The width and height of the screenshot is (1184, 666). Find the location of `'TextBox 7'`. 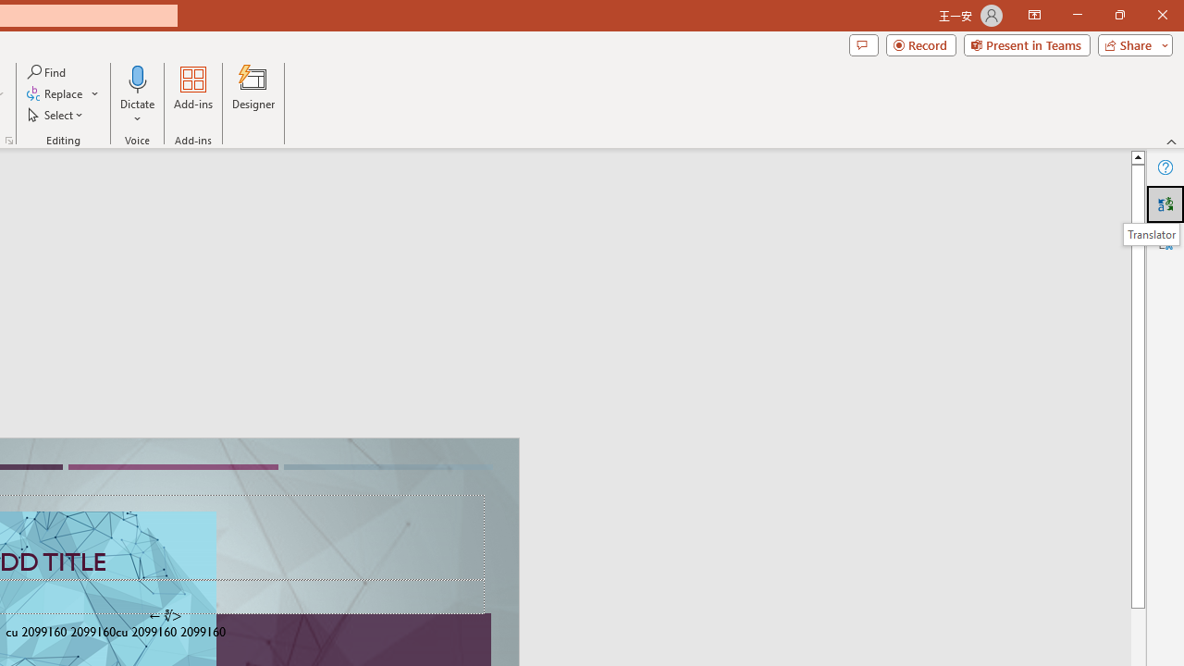

'TextBox 7' is located at coordinates (166, 616).